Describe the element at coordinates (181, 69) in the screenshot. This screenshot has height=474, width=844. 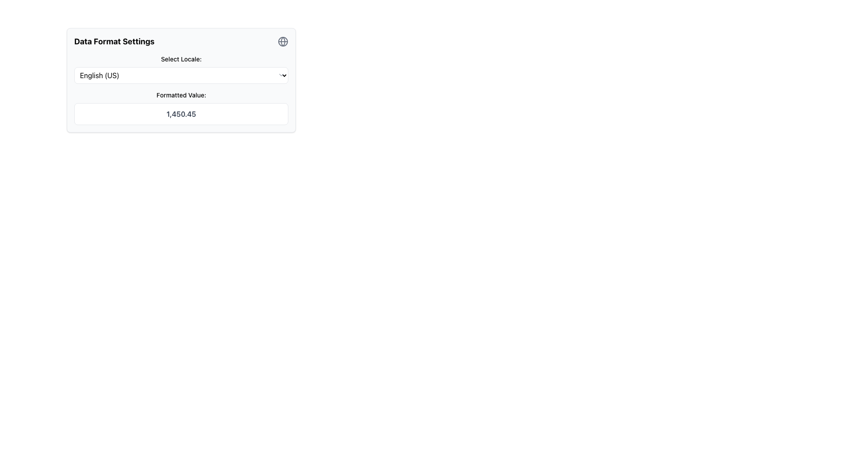
I see `the Dropdown Menu located centrally within the 'Data Format Settings' card` at that location.